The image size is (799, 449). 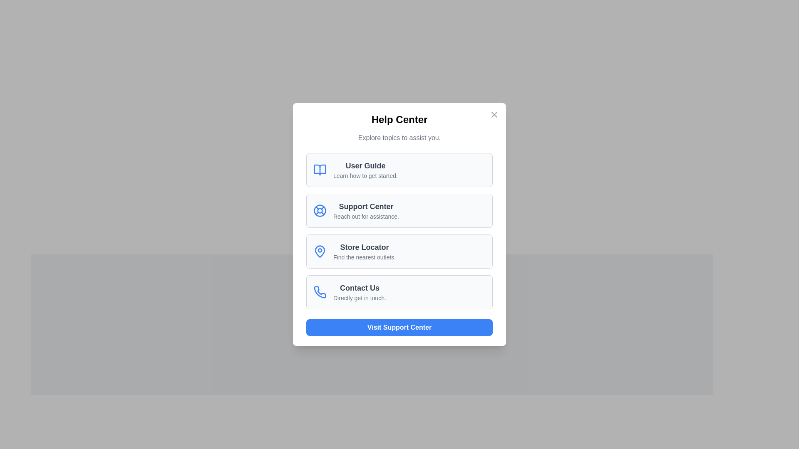 I want to click on the text element stating 'Explore topics to assist you.' which is centered below the title 'Help Center' in a modal dialog box, so click(x=399, y=137).